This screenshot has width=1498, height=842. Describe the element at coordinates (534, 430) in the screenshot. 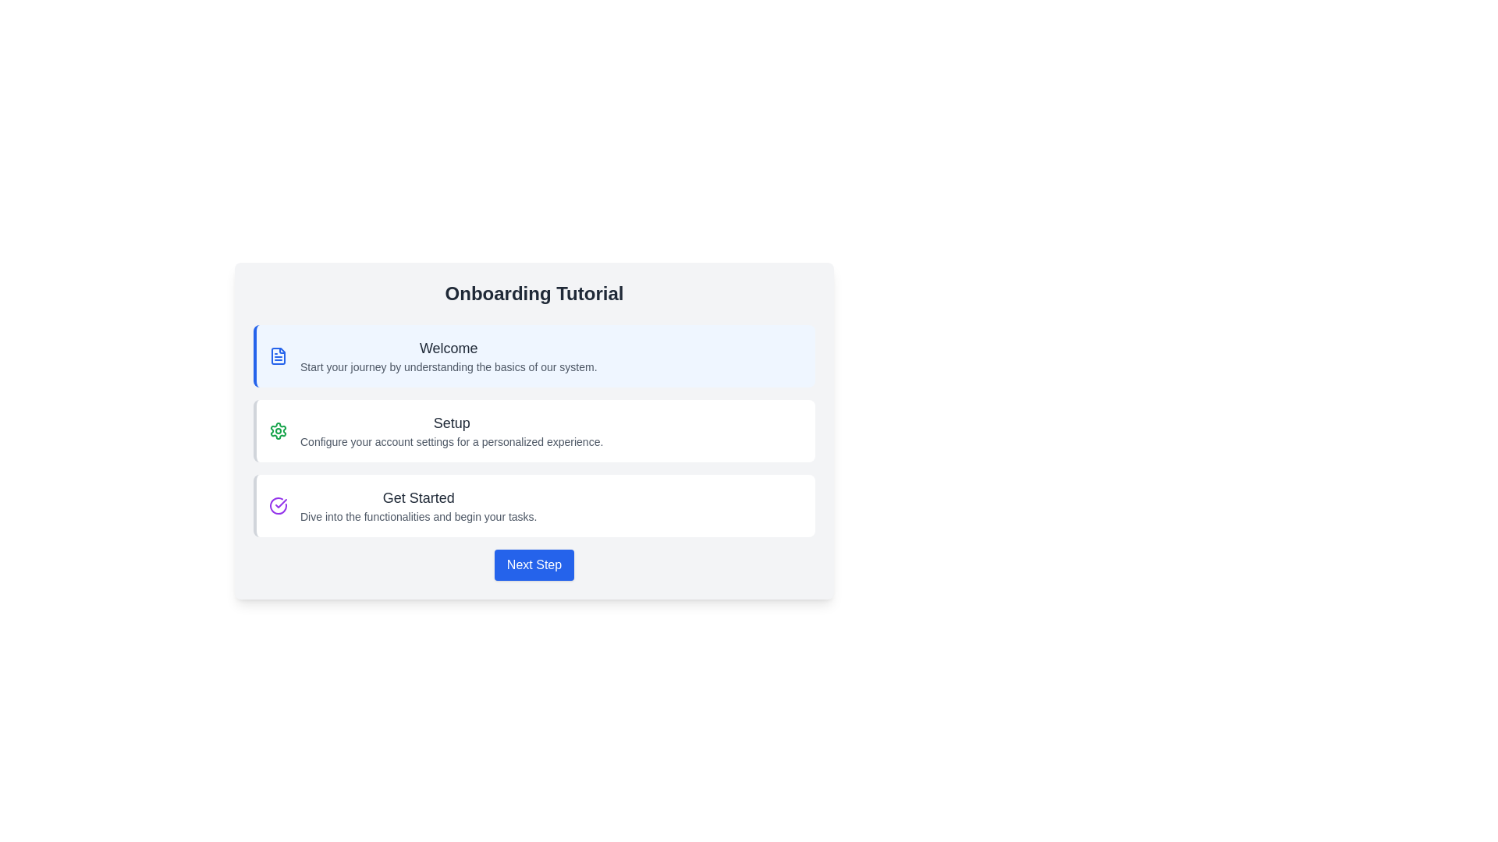

I see `the Informational panel, which introduces the 'Setup' stage of the onboarding process and describes its purpose to assist users in configuring account settings for a personalized experience` at that location.